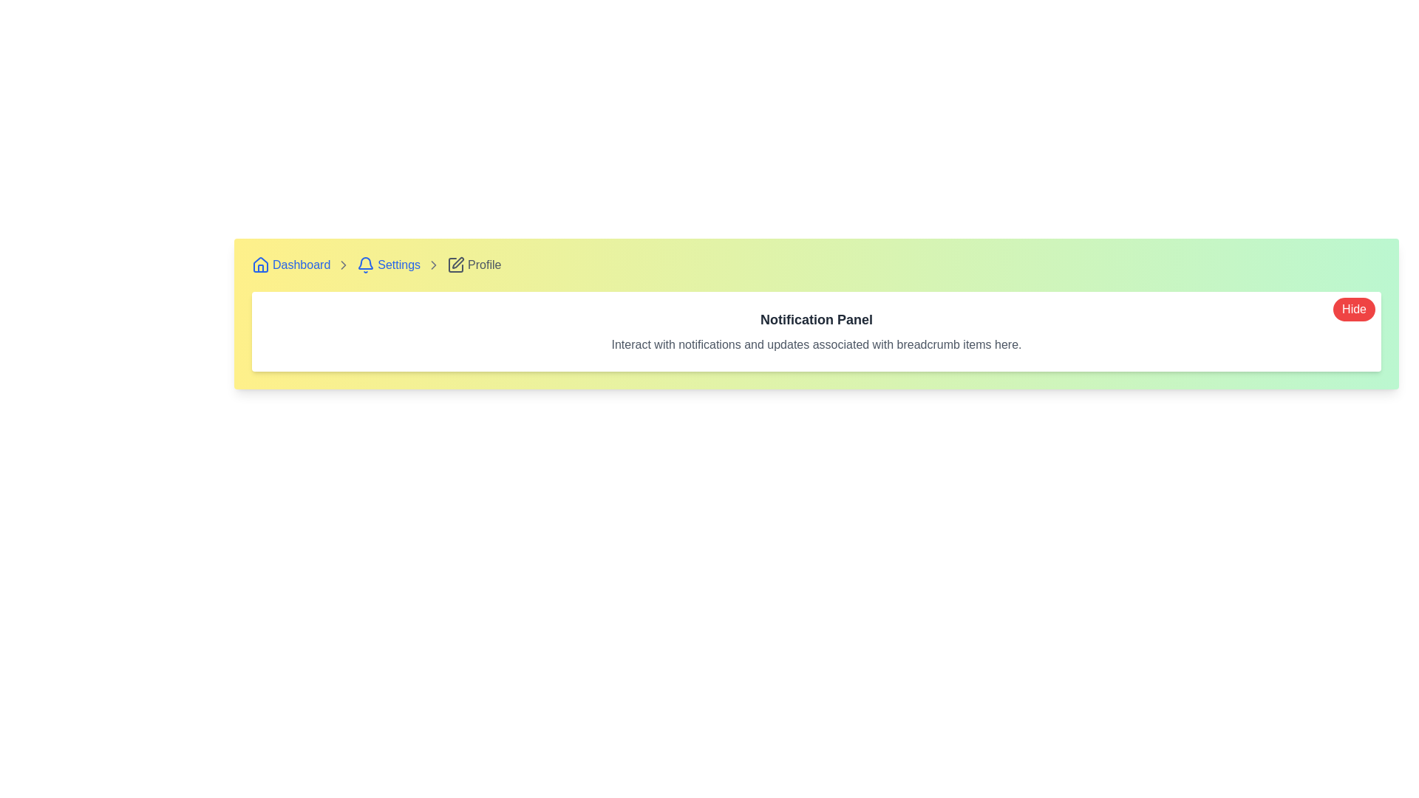  Describe the element at coordinates (433, 264) in the screenshot. I see `the right-facing chevron icon in the breadcrumb navigation bar` at that location.